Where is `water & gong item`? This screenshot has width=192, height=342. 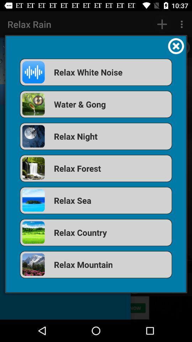 water & gong item is located at coordinates (96, 104).